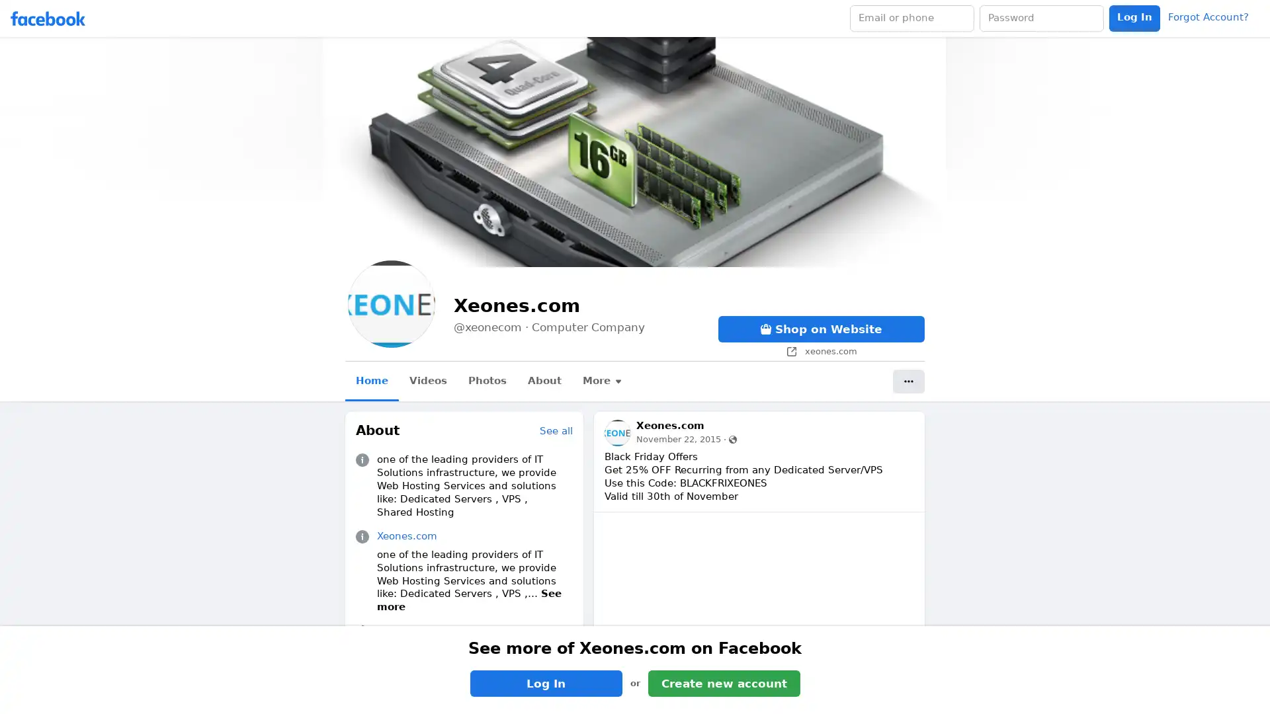  I want to click on Accessible login button, so click(1134, 18).